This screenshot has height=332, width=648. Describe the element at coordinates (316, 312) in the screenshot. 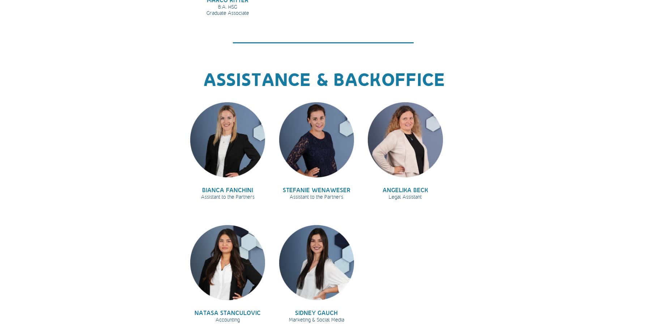

I see `'SIDNEY GAUCH'` at that location.